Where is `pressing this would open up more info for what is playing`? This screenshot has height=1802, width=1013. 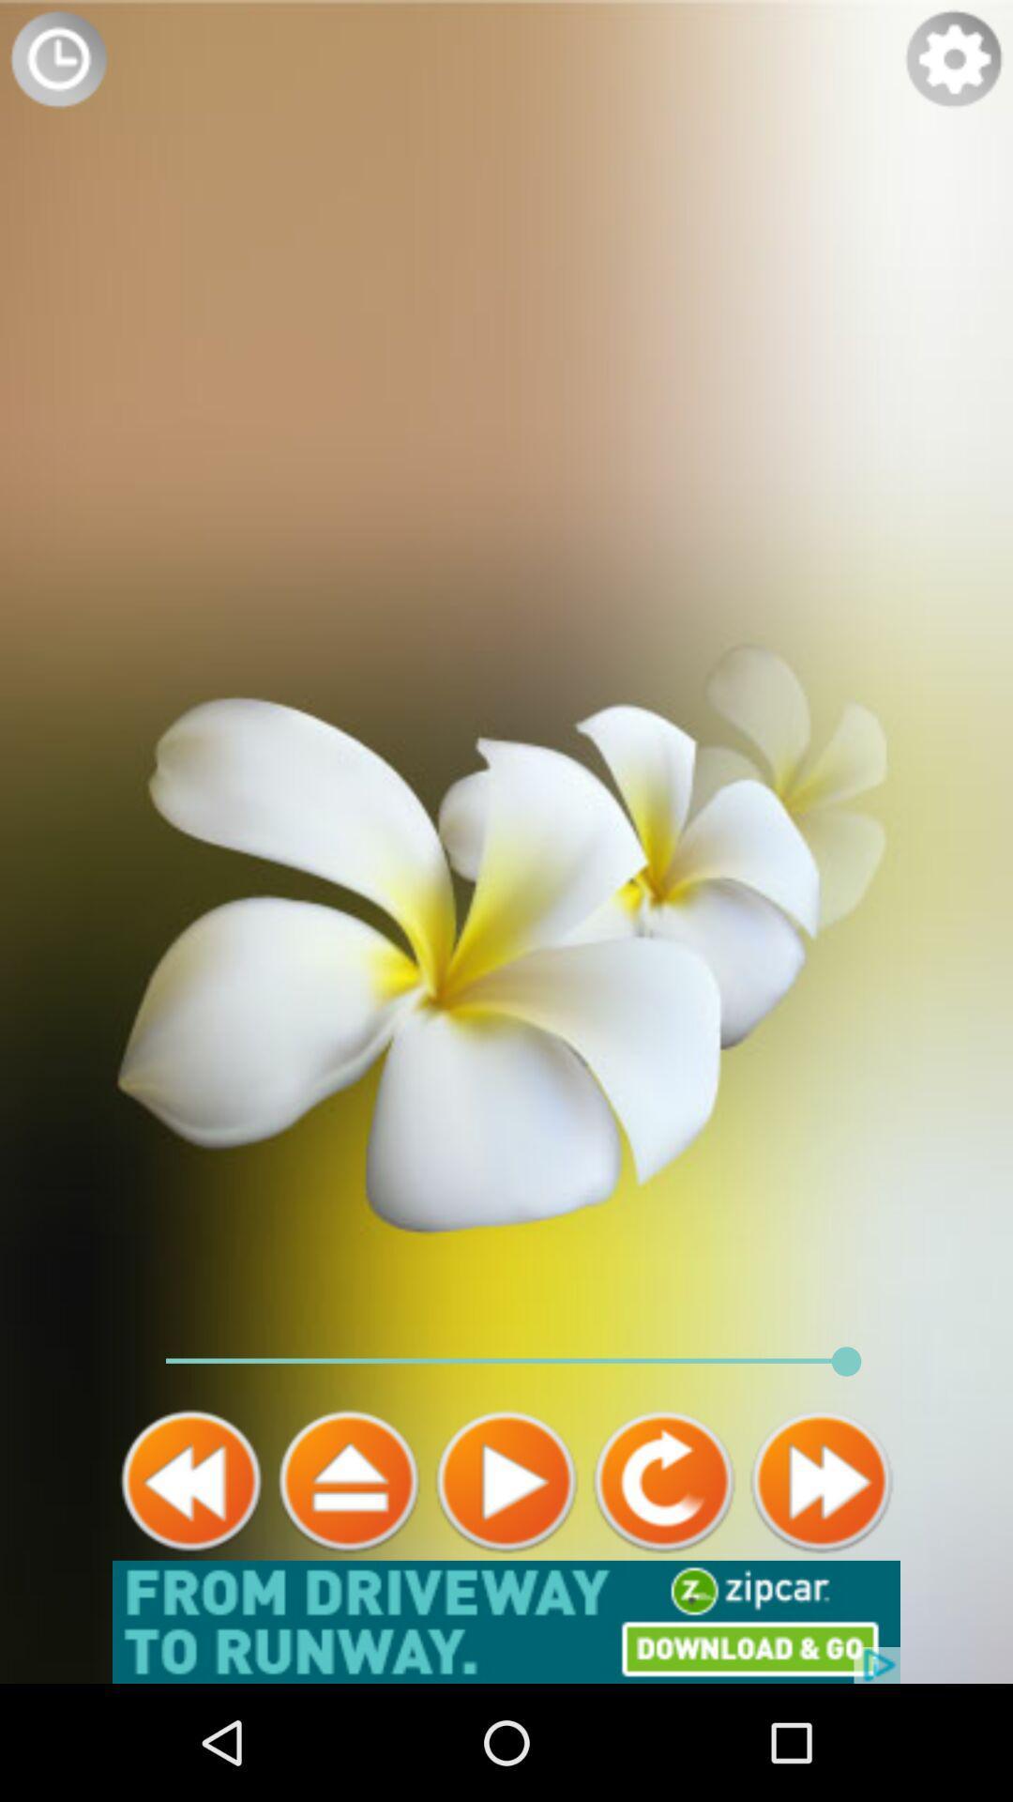 pressing this would open up more info for what is playing is located at coordinates (348, 1480).